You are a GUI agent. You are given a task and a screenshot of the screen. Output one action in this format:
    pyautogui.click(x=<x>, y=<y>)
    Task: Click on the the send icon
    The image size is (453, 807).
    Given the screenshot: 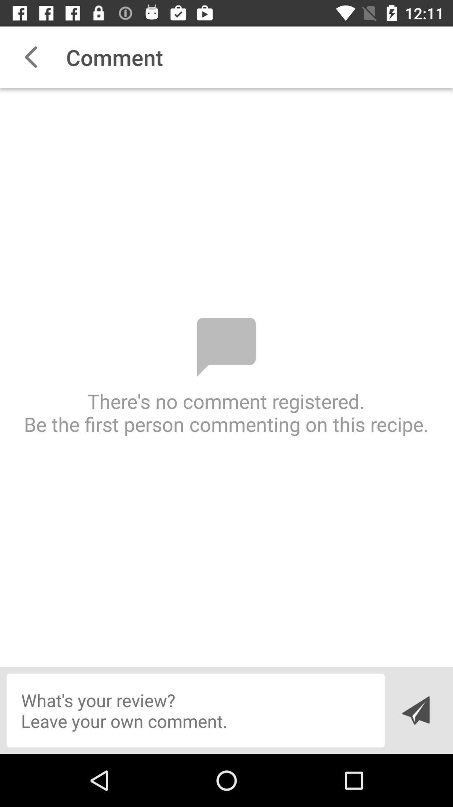 What is the action you would take?
    pyautogui.click(x=415, y=710)
    